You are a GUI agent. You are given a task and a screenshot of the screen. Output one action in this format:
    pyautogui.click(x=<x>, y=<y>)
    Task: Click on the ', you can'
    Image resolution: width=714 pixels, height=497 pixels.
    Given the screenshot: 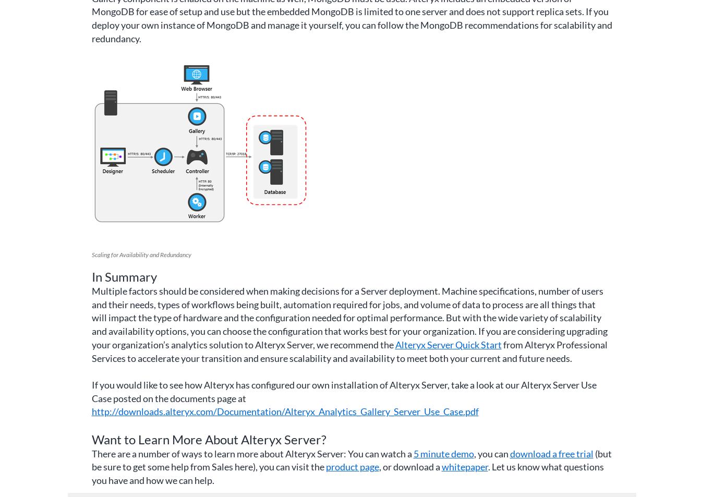 What is the action you would take?
    pyautogui.click(x=491, y=453)
    